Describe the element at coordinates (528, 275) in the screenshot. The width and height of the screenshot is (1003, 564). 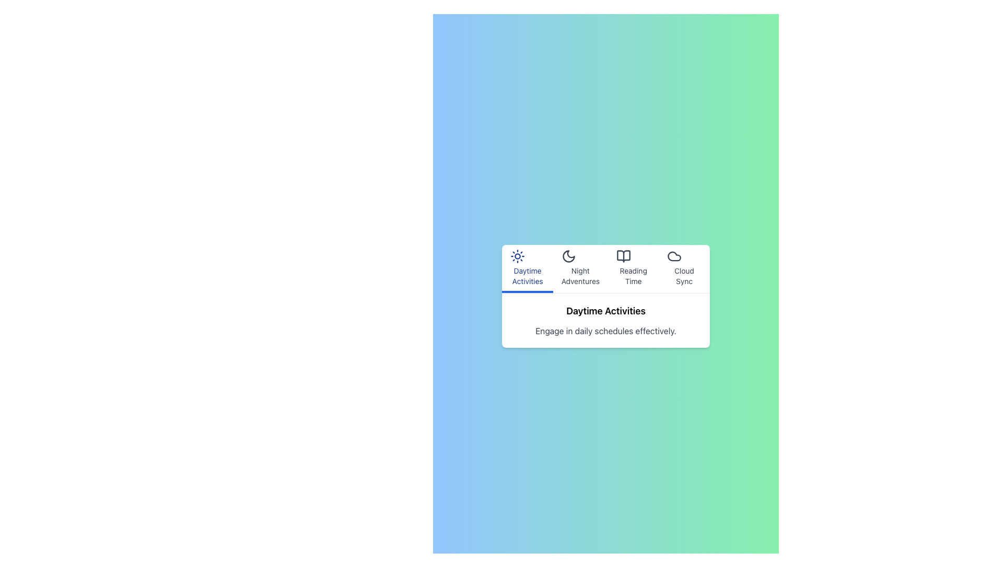
I see `the 'Daytime Activities' text label, which is displayed in smaller blue font and located under the sun icon in the navigation bar` at that location.